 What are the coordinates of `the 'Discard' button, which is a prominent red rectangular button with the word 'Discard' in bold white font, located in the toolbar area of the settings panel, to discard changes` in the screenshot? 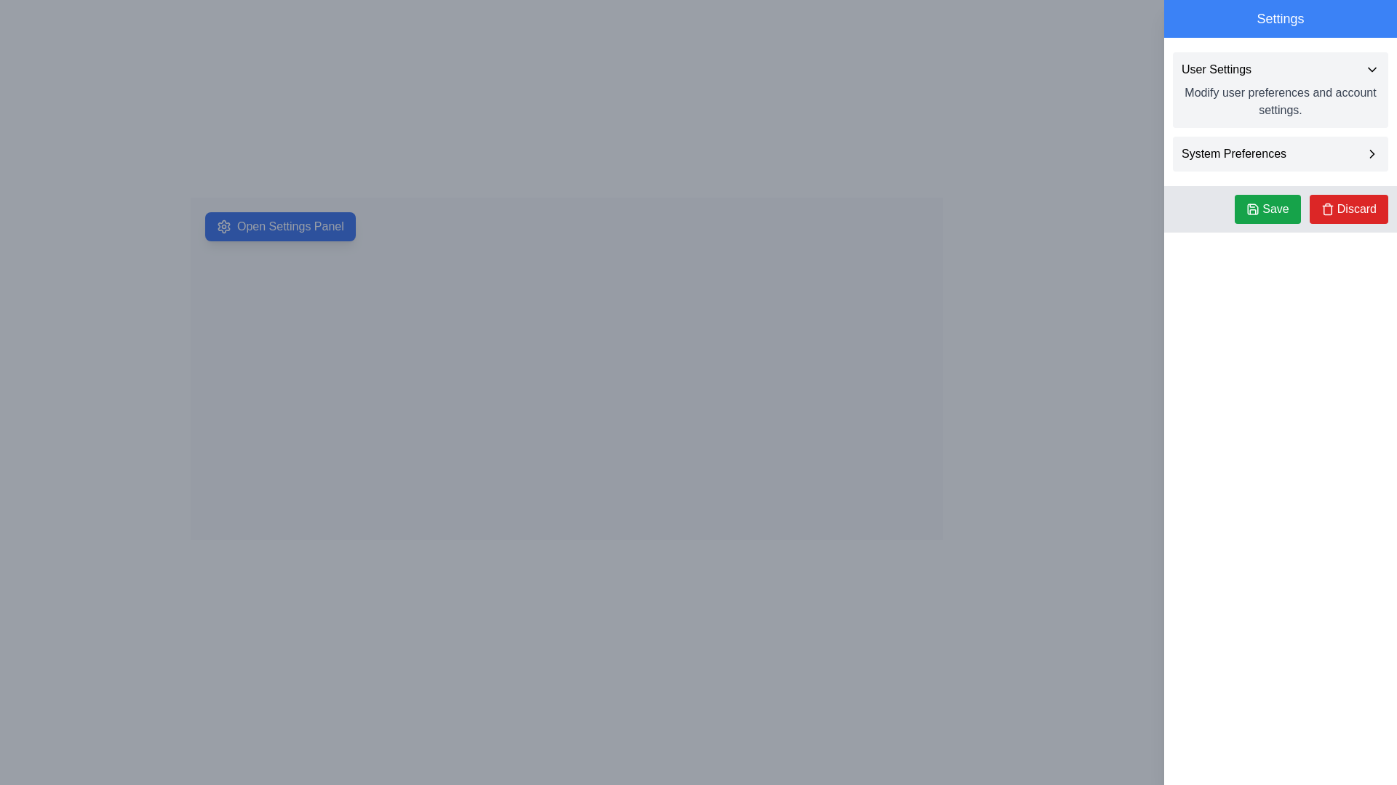 It's located at (1356, 209).